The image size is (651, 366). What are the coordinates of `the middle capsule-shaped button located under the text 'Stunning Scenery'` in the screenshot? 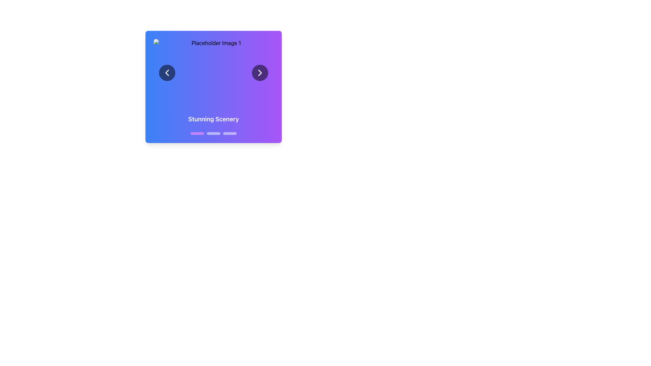 It's located at (213, 133).